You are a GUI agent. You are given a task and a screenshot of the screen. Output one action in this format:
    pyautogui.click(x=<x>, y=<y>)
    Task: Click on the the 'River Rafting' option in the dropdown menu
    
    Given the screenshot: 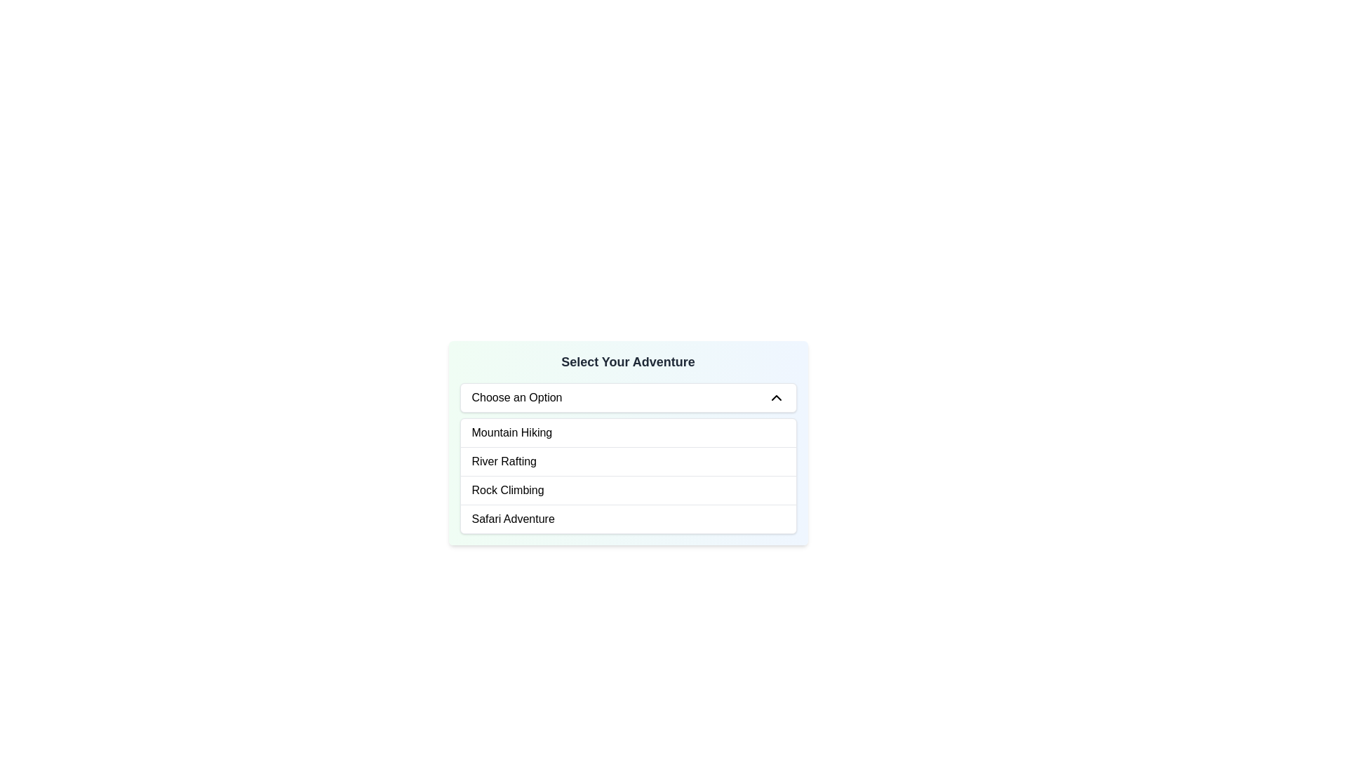 What is the action you would take?
    pyautogui.click(x=504, y=462)
    